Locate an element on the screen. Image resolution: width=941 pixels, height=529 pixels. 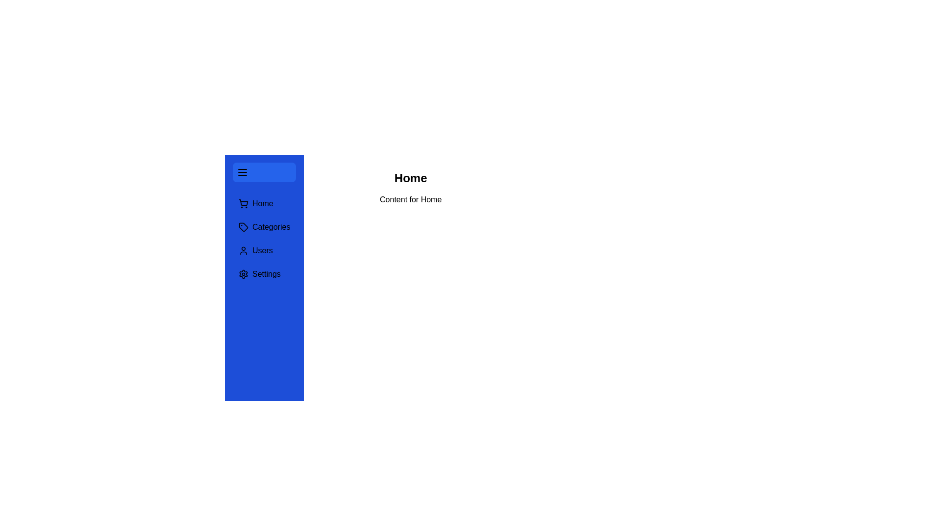
the Home section from the menu is located at coordinates (264, 203).